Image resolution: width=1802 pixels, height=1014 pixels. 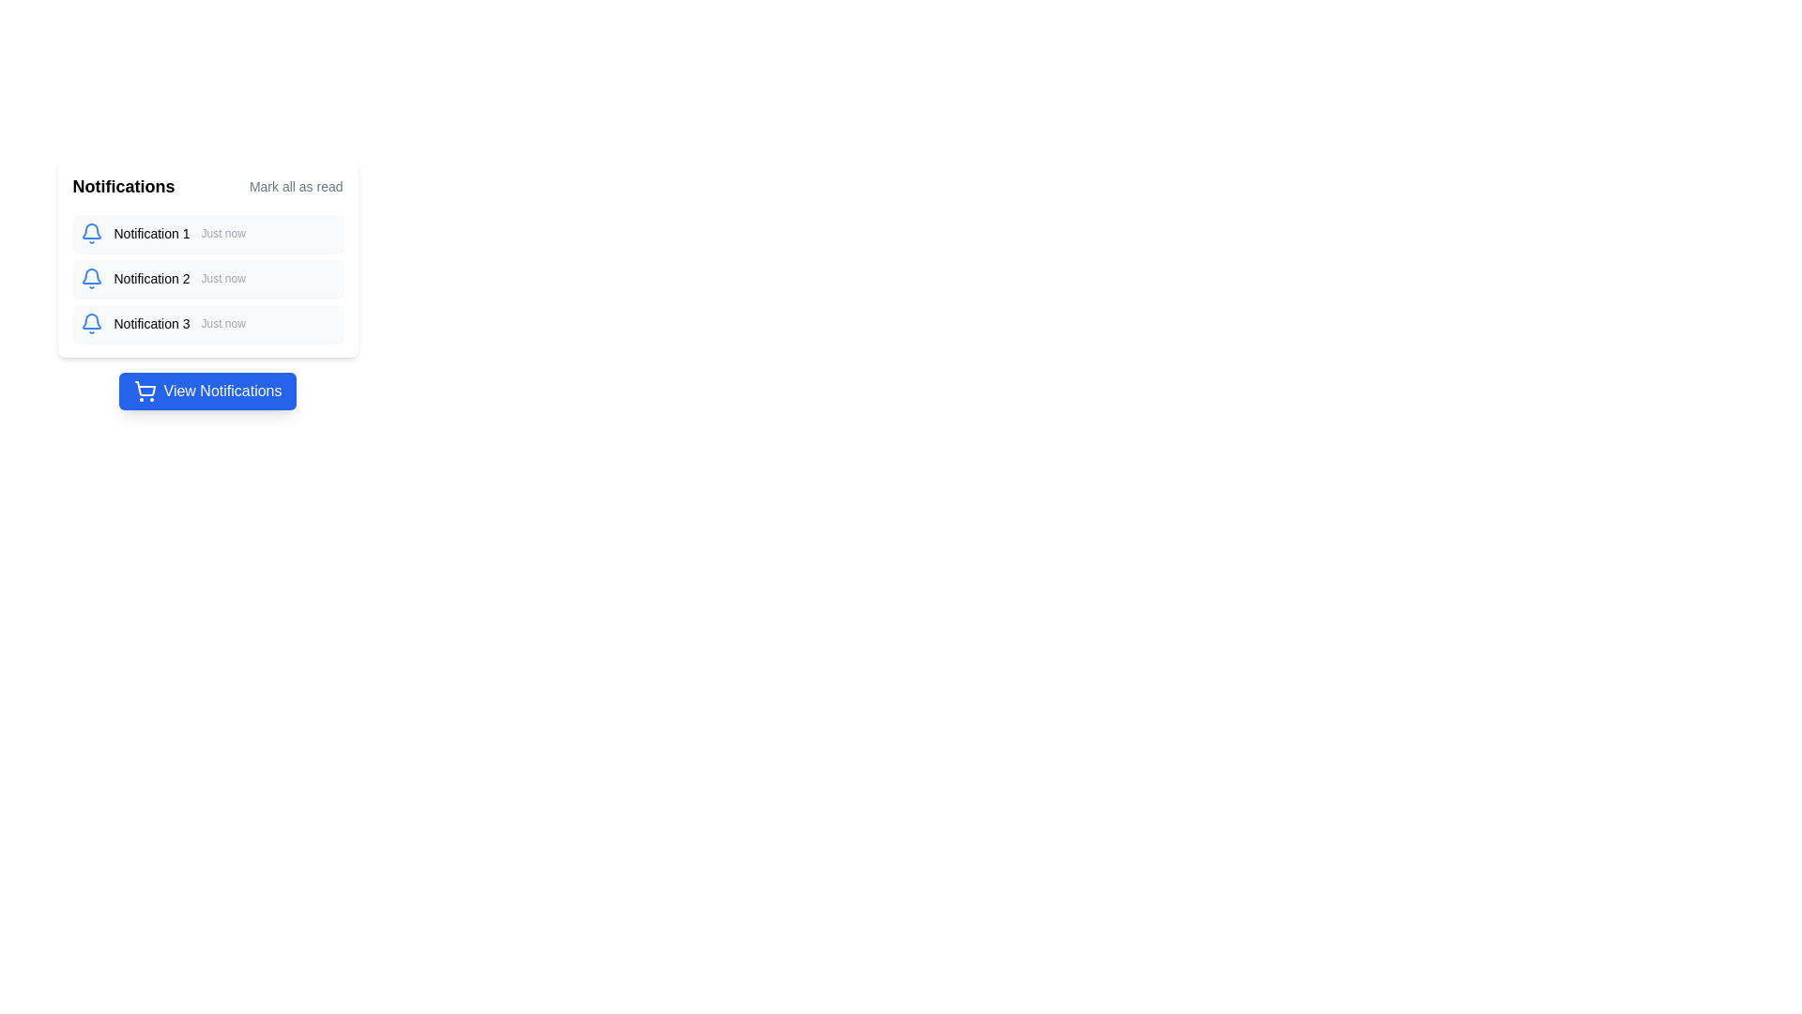 What do you see at coordinates (123, 187) in the screenshot?
I see `static text label that serves as the title for the notification section, located in the top-left corner of the notification card, left of the 'Mark all as read.' element` at bounding box center [123, 187].